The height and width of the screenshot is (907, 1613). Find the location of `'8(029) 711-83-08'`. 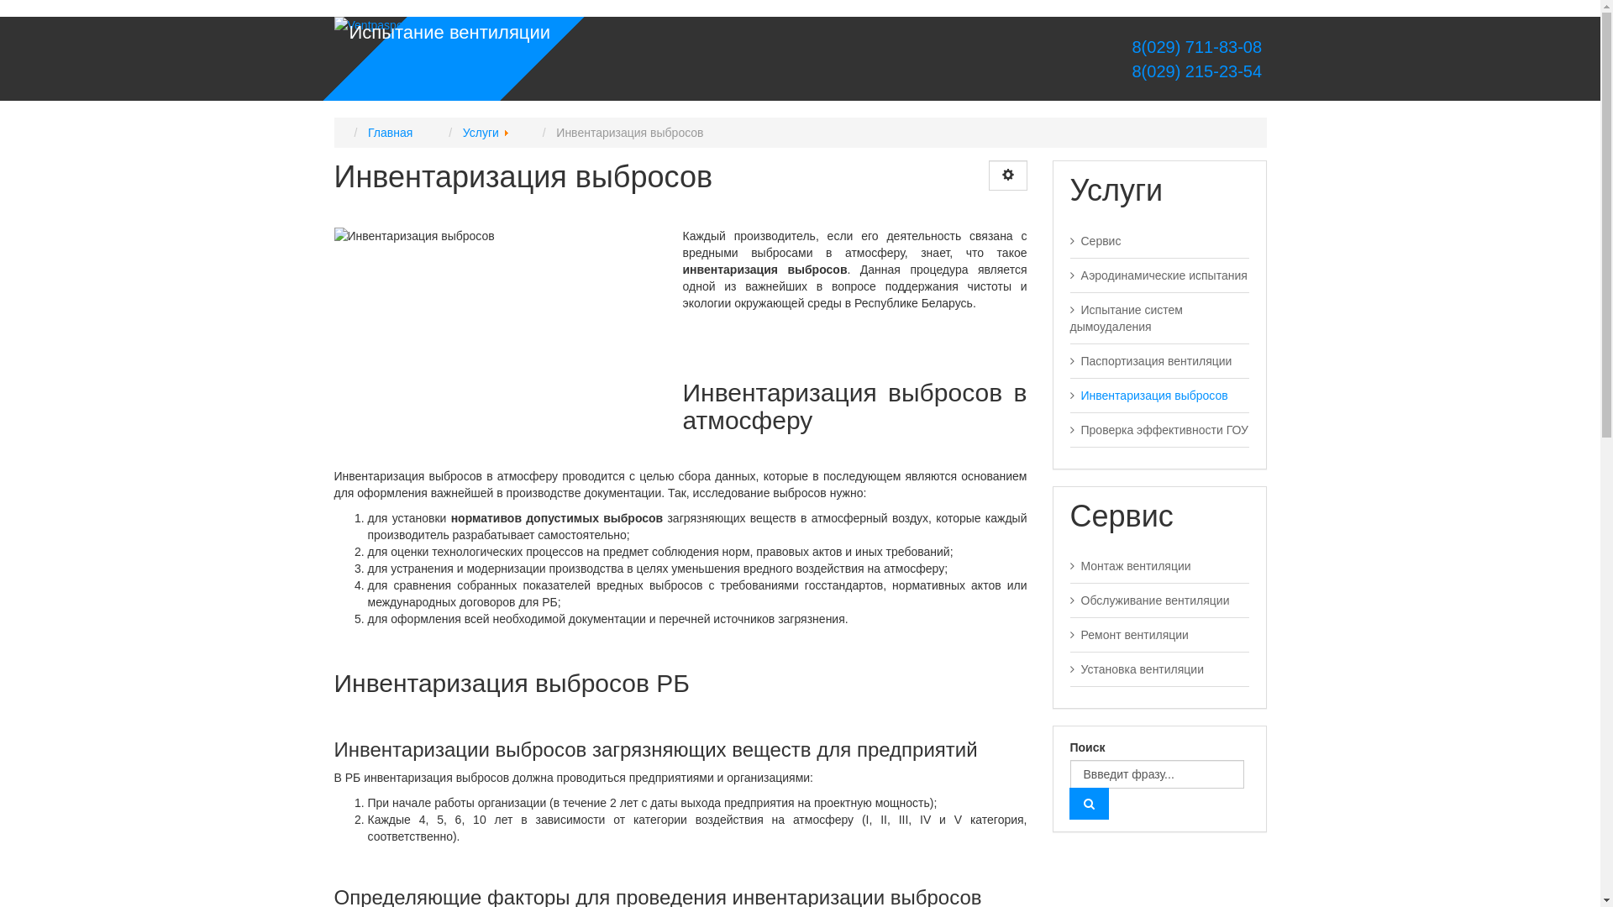

'8(029) 711-83-08' is located at coordinates (1196, 46).